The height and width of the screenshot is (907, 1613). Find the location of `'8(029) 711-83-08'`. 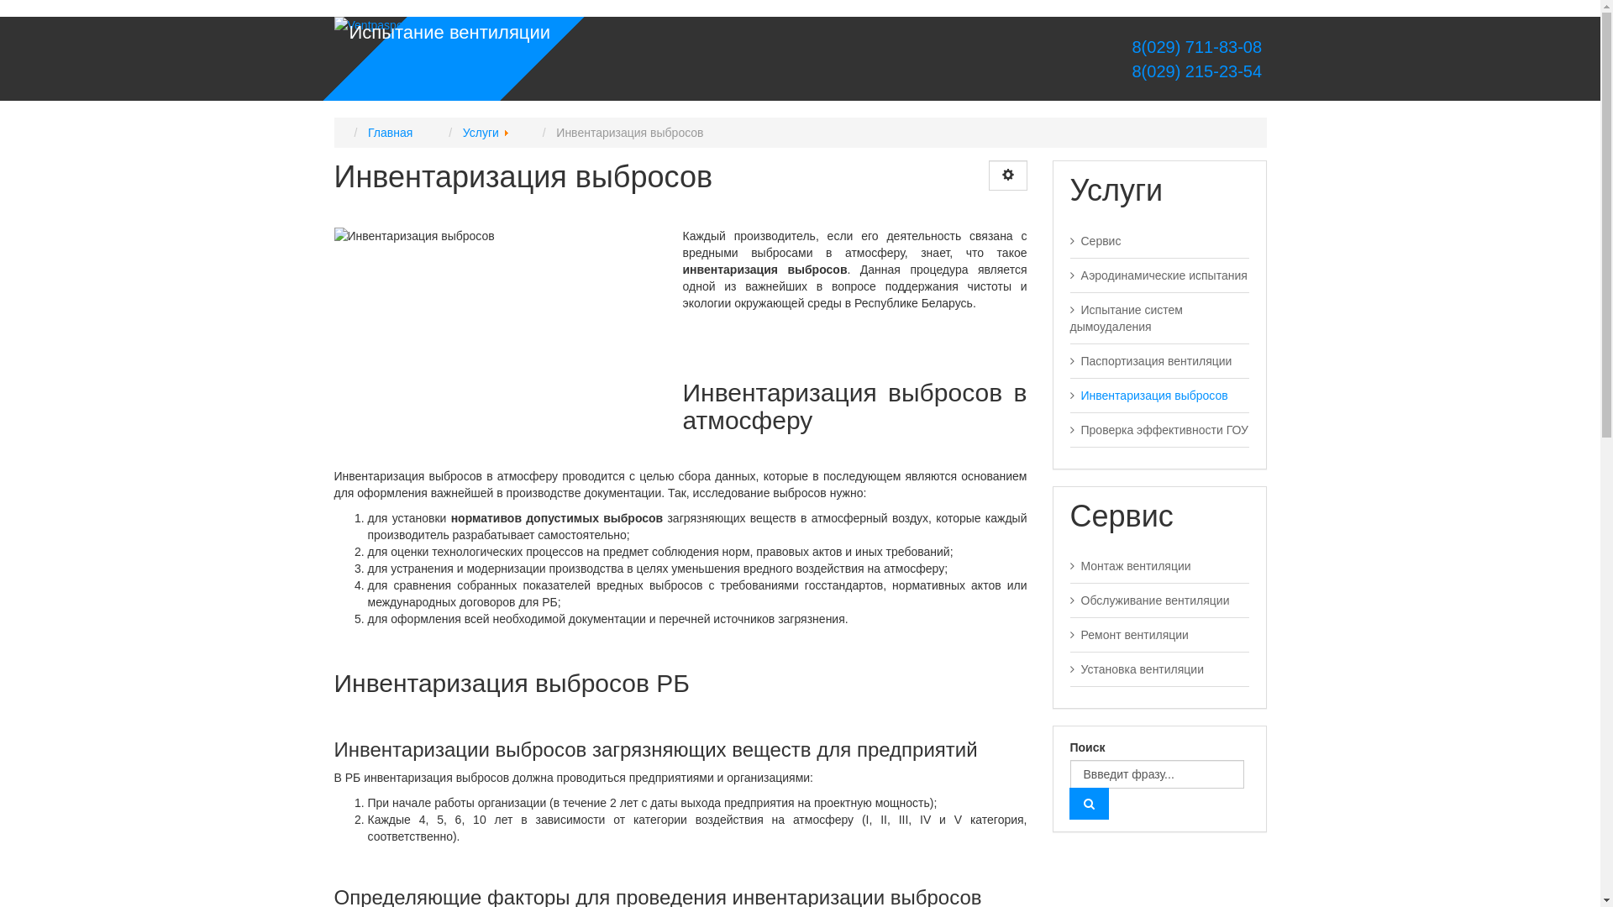

'8(029) 711-83-08' is located at coordinates (1196, 46).